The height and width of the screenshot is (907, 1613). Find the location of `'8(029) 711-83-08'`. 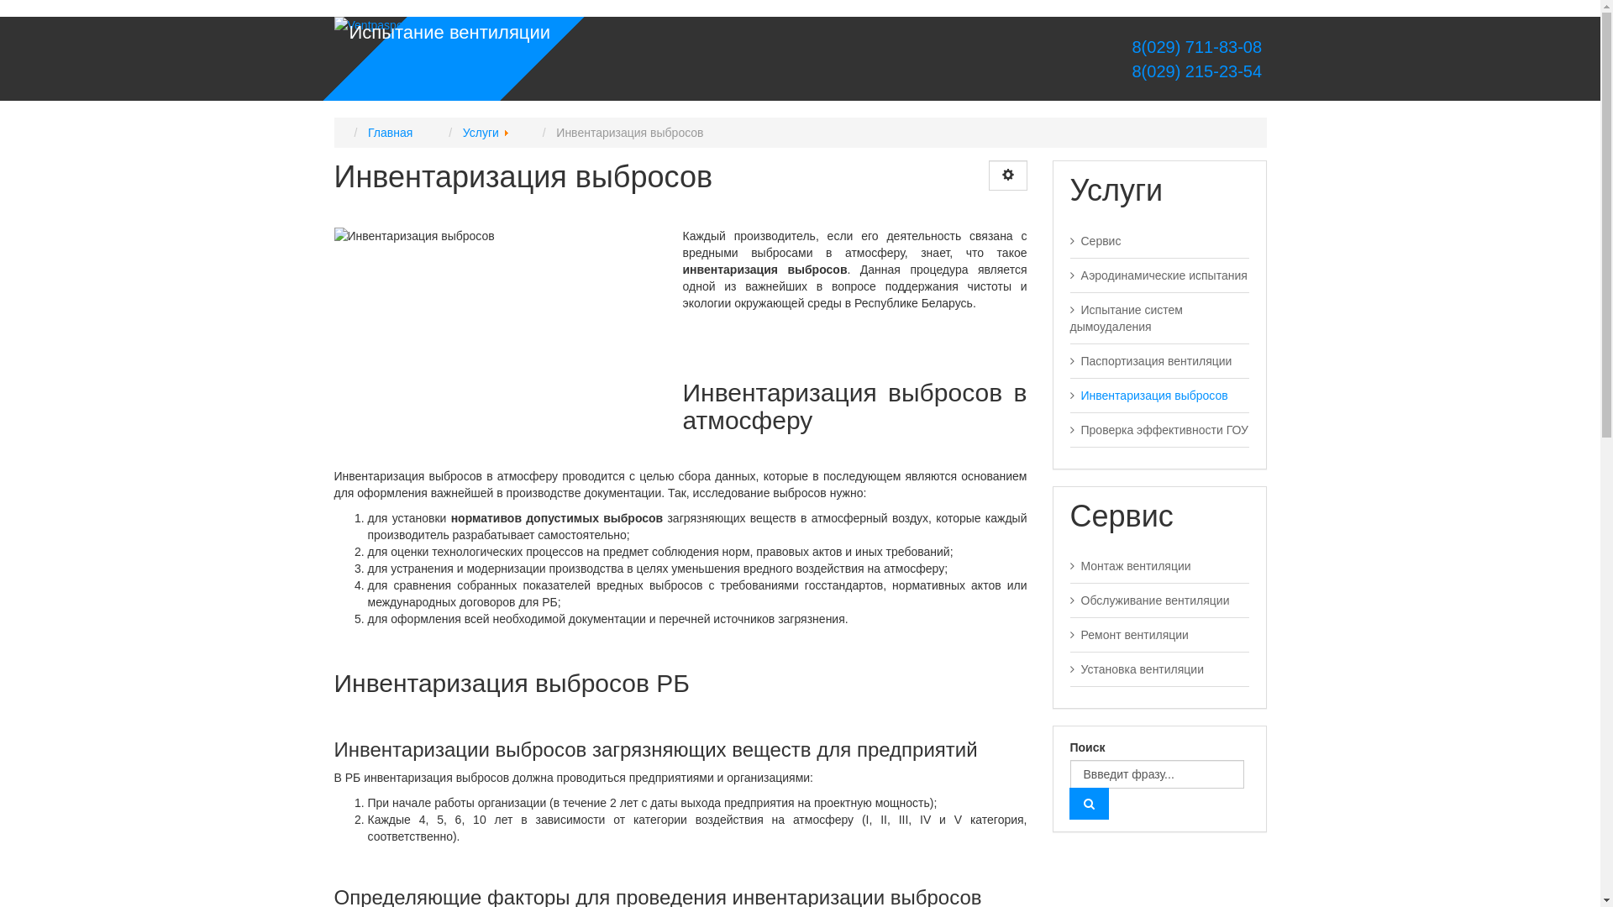

'8(029) 711-83-08' is located at coordinates (1196, 46).